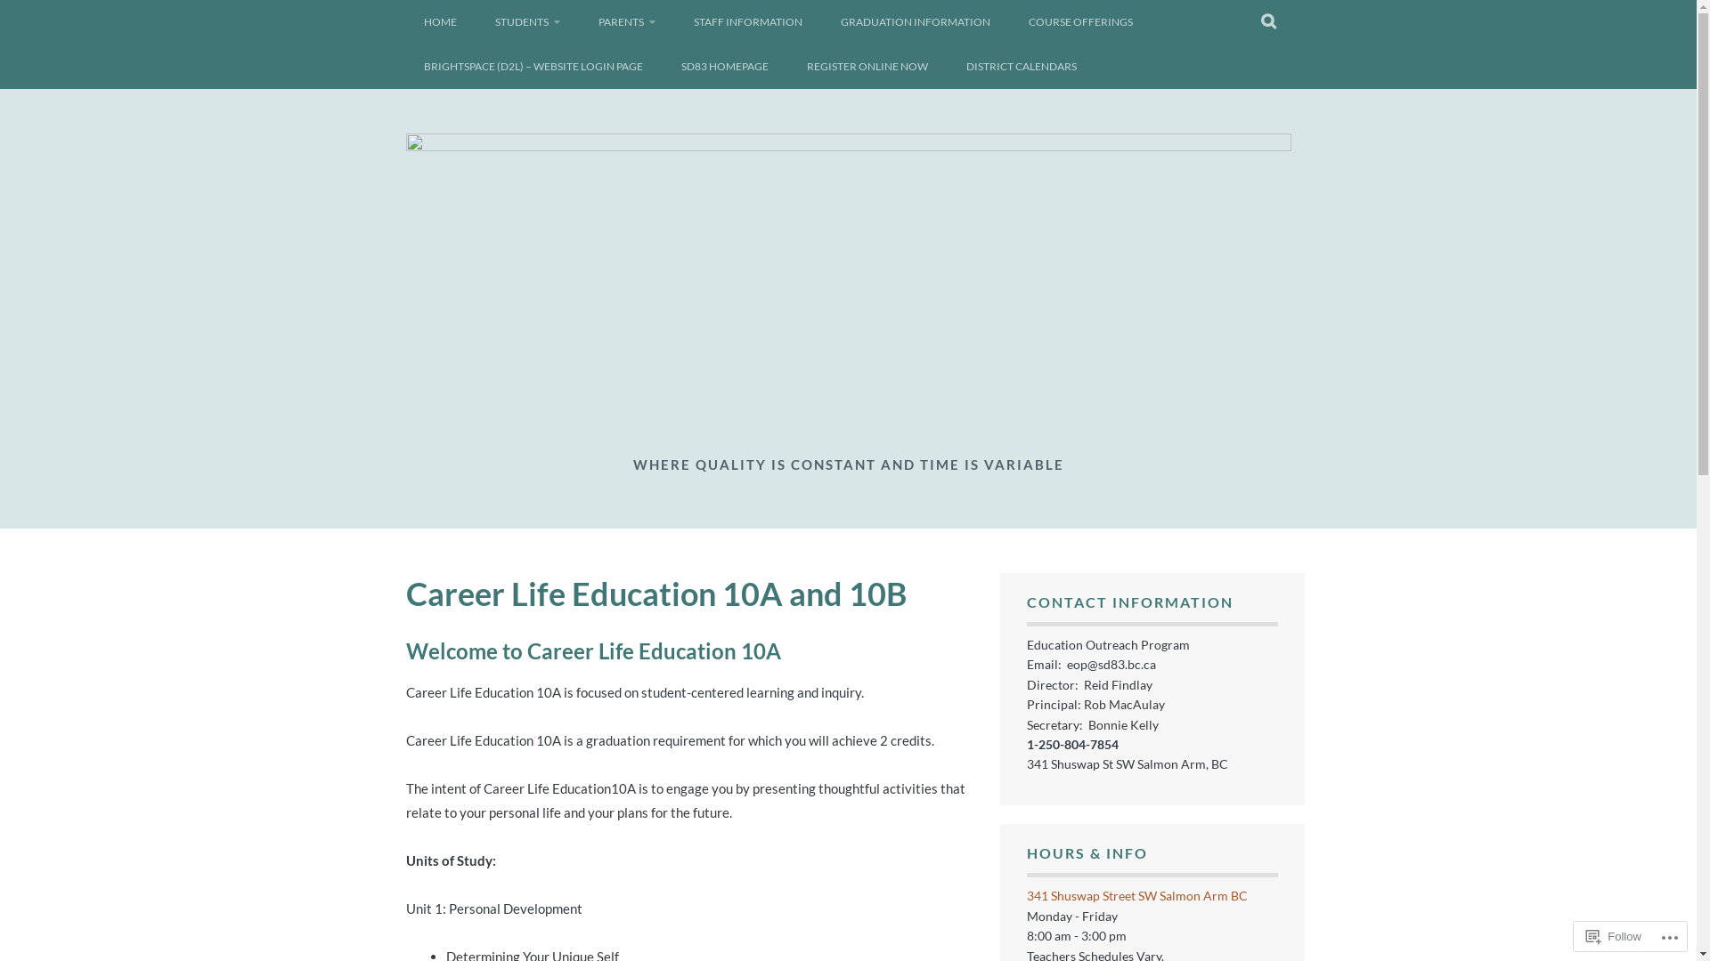 Image resolution: width=1710 pixels, height=961 pixels. Describe the element at coordinates (747, 21) in the screenshot. I see `'STAFF INFORMATION'` at that location.